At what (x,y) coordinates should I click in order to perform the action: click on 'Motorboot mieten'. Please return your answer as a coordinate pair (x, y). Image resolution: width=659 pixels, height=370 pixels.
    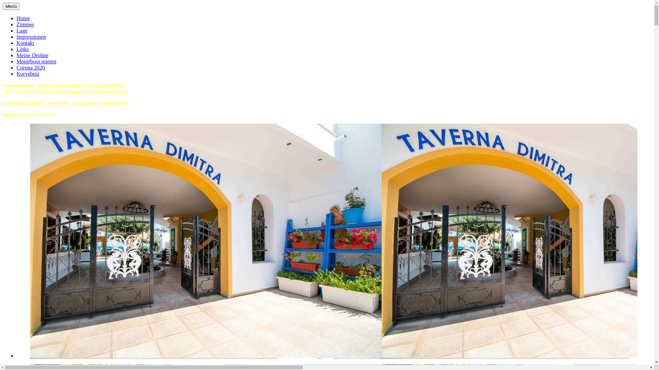
    Looking at the image, I should click on (36, 61).